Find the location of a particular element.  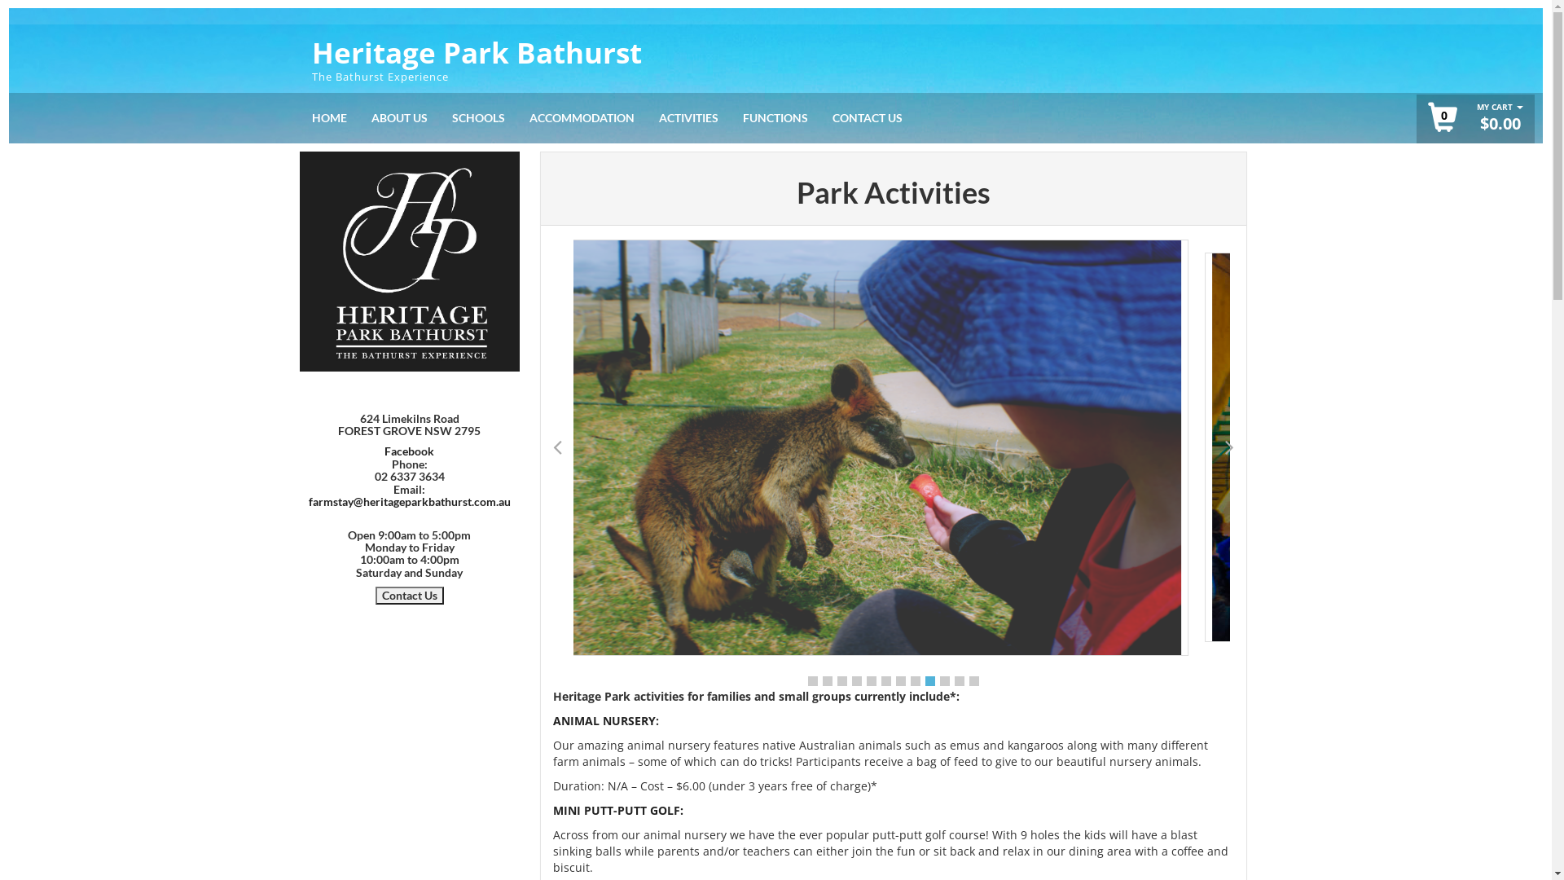

'1' is located at coordinates (813, 681).